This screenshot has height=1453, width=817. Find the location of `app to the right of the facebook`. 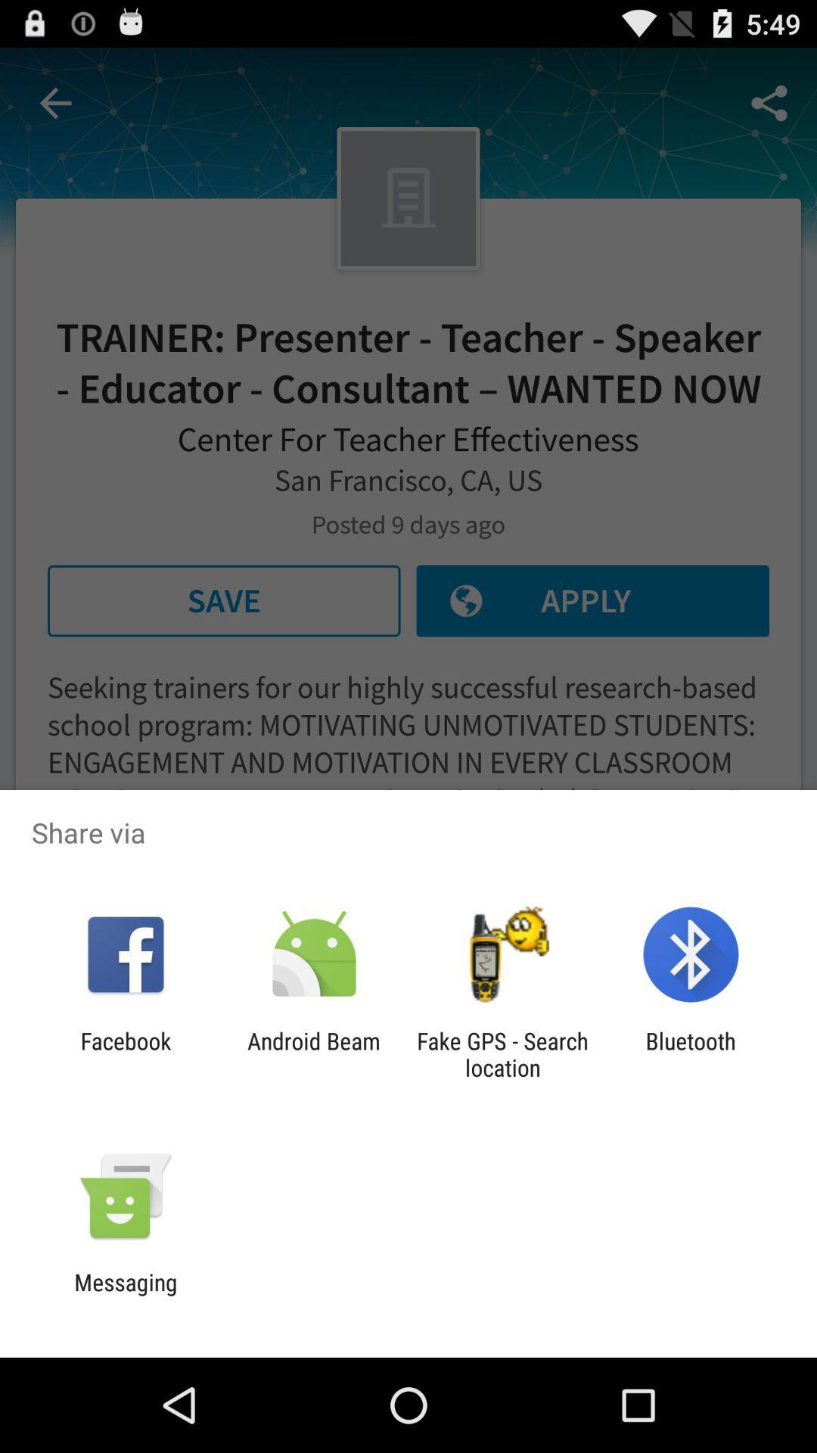

app to the right of the facebook is located at coordinates (313, 1053).